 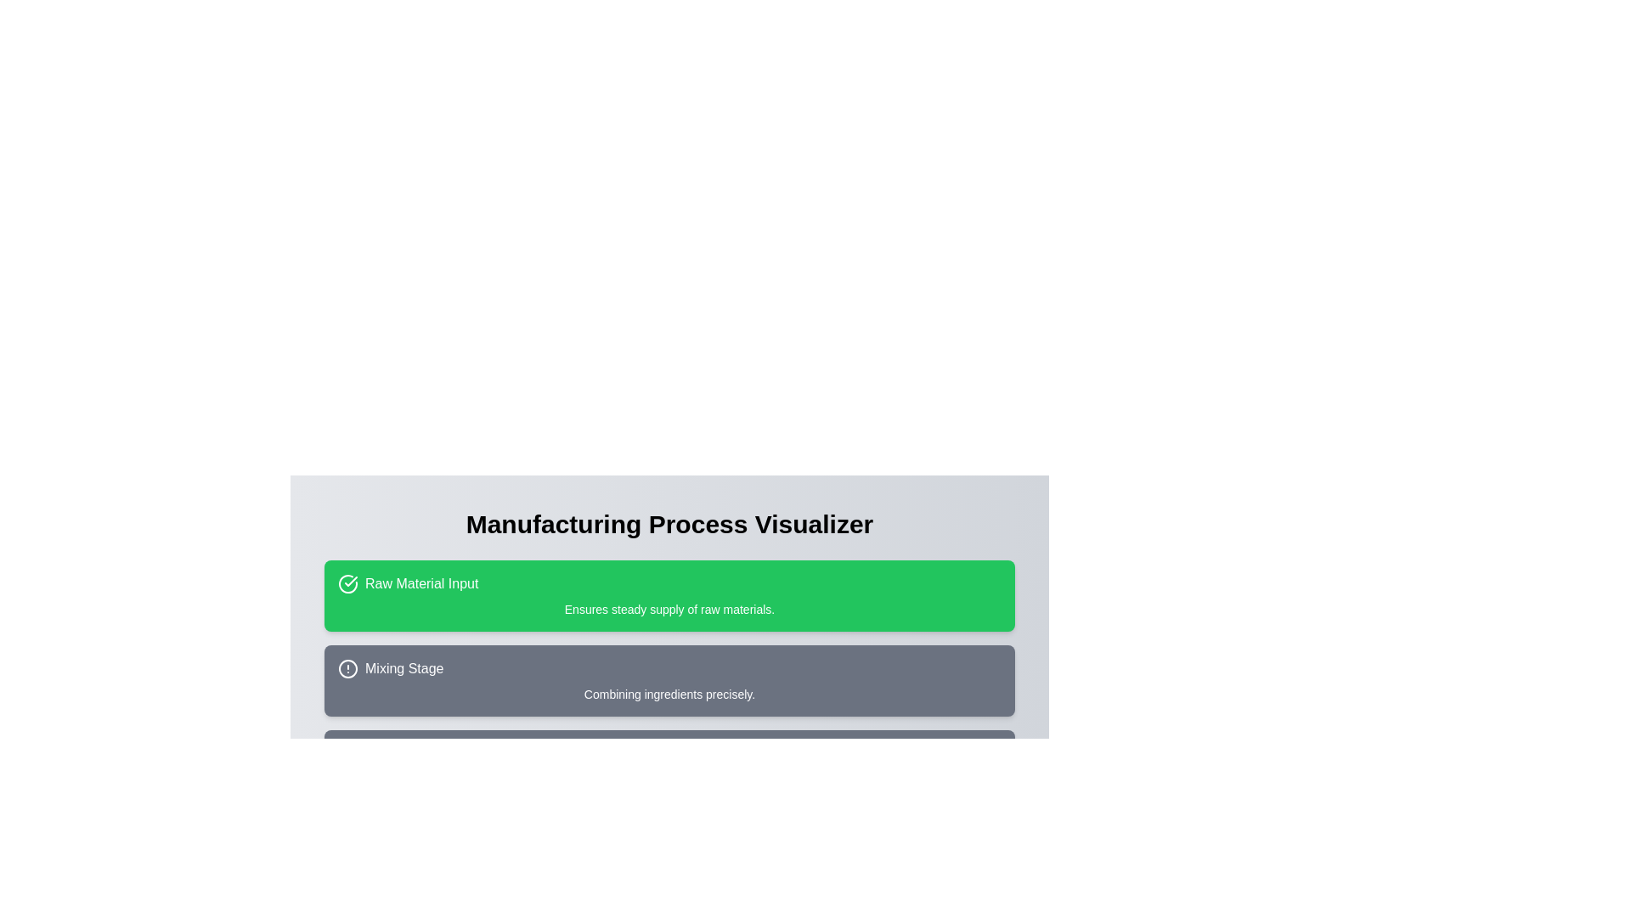 What do you see at coordinates (669, 680) in the screenshot?
I see `the icon on the 'Mixing Stage' informational card, which is the second card in the process visualization interface located between 'Raw Material Input' and 'Molding Process'` at bounding box center [669, 680].